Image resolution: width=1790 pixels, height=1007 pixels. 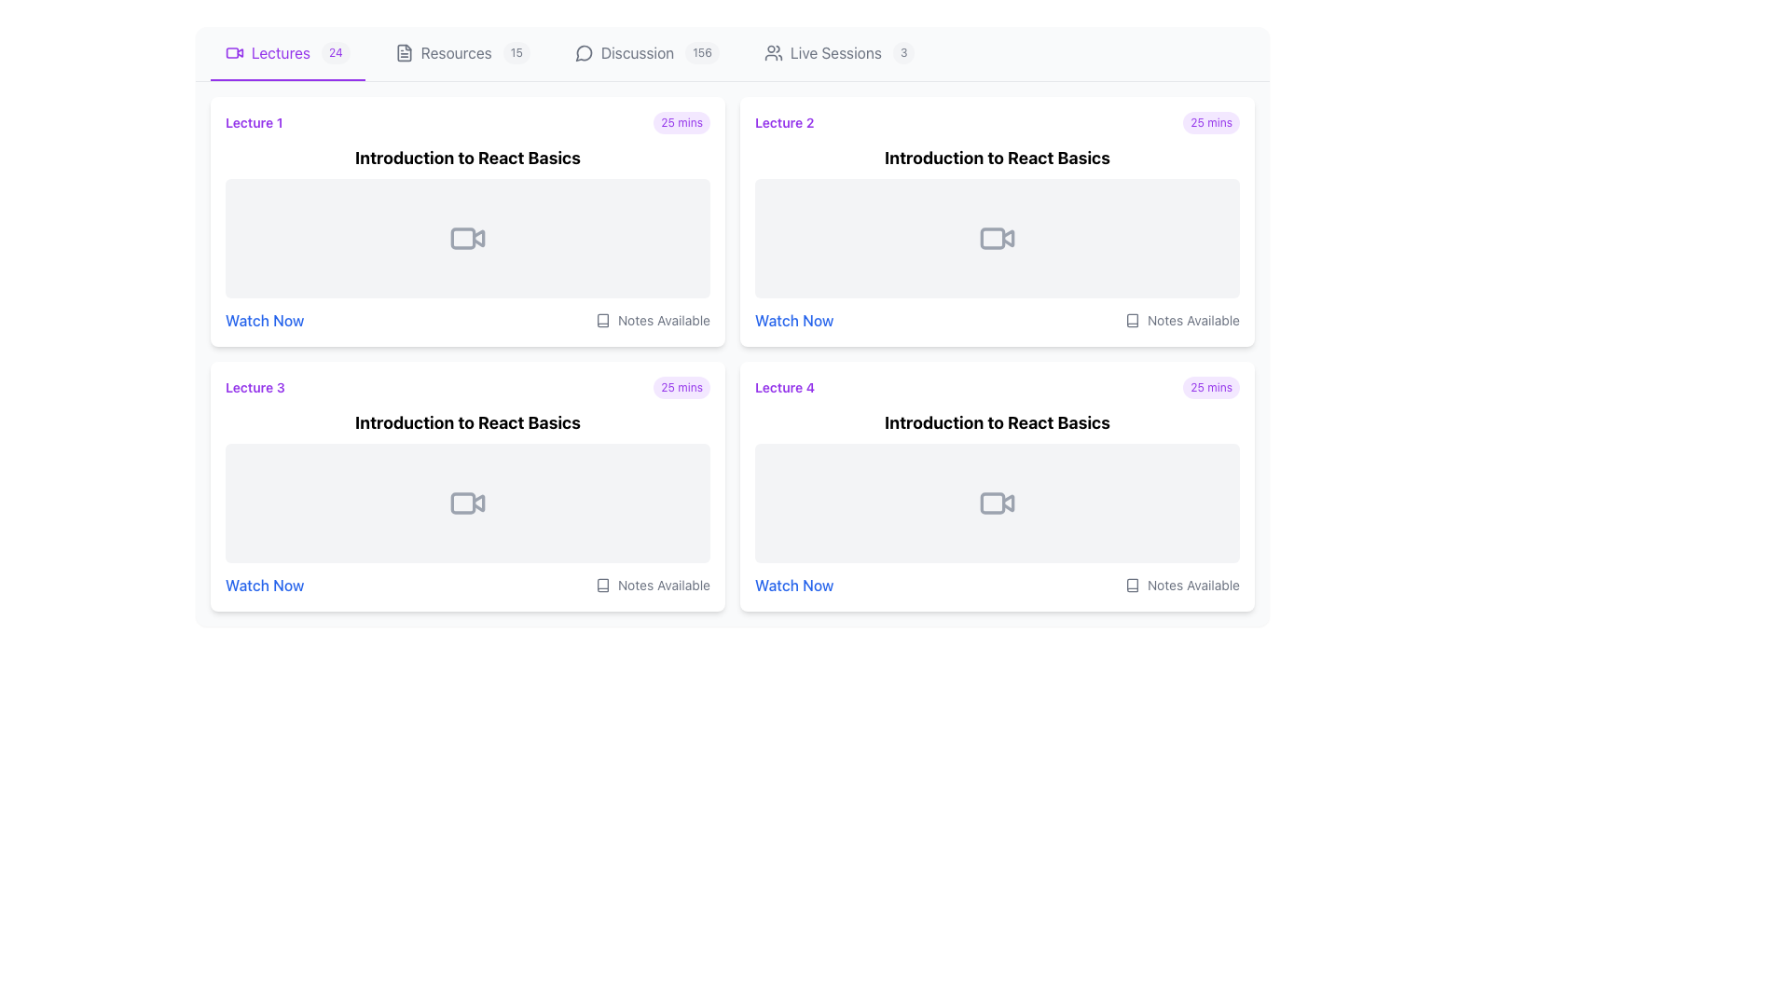 What do you see at coordinates (834, 52) in the screenshot?
I see `the 'Live Sessions' navigation text element located between the 'Discussion' tab and a badge displaying '3'` at bounding box center [834, 52].